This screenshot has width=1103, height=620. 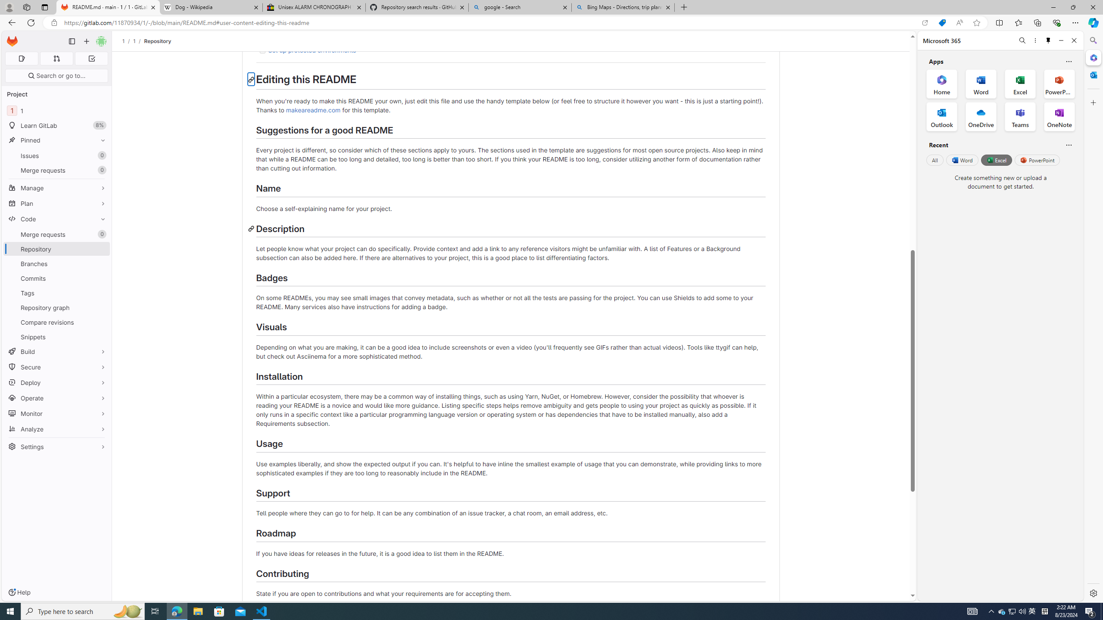 I want to click on 'makeareadme.com', so click(x=313, y=109).